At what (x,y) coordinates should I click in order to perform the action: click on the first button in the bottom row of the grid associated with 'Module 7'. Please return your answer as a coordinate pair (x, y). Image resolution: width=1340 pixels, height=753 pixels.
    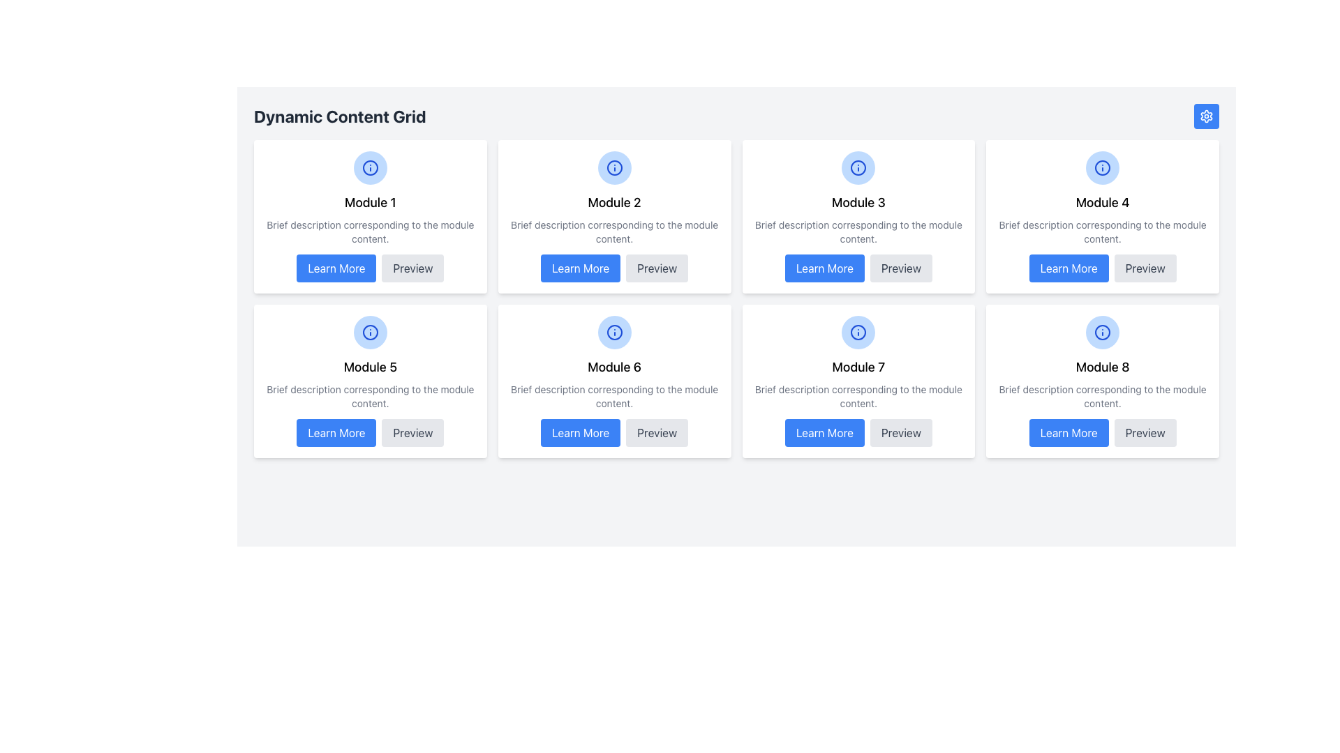
    Looking at the image, I should click on (824, 432).